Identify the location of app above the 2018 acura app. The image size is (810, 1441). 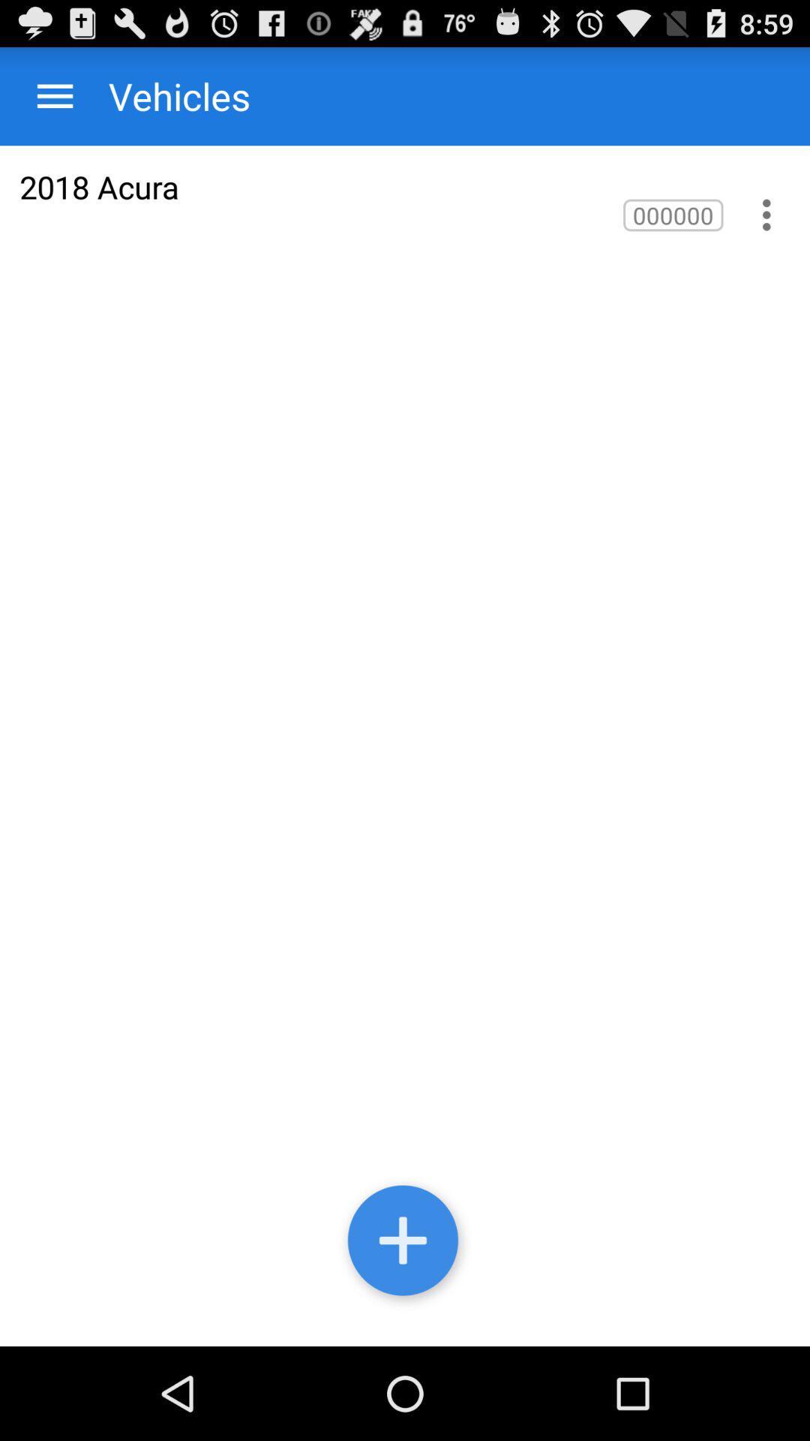
(164, 95).